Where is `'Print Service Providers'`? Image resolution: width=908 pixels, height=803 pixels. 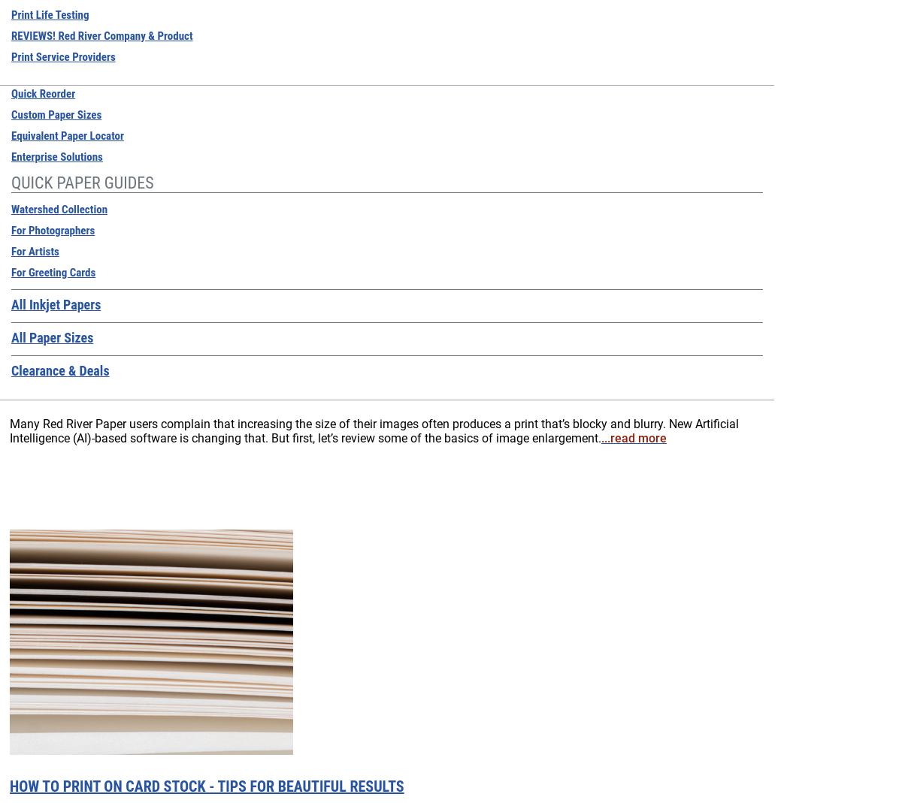 'Print Service Providers' is located at coordinates (62, 56).